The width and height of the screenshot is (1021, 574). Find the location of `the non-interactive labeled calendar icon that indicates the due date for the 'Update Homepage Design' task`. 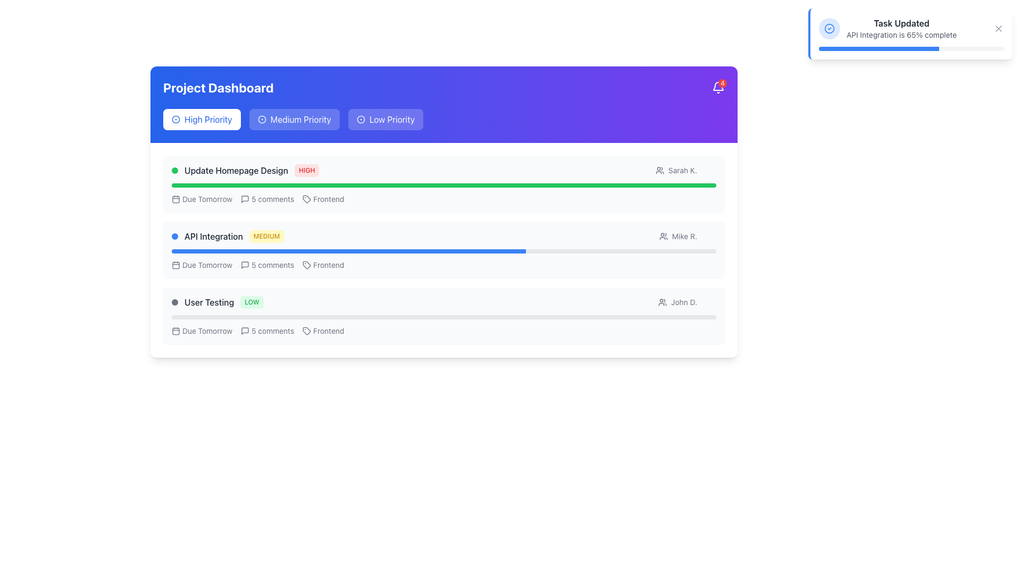

the non-interactive labeled calendar icon that indicates the due date for the 'Update Homepage Design' task is located at coordinates (202, 199).